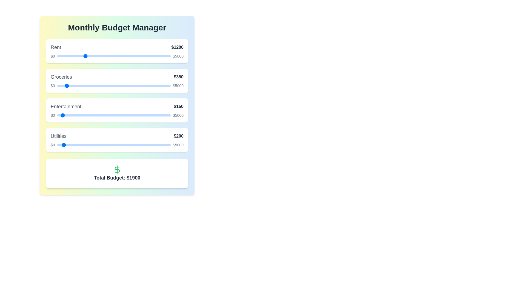 The width and height of the screenshot is (526, 296). I want to click on the text label indicating the minimum value of the slider component for budget allocation, which displays '$0' and is located to the left of the slider bar in the 'Utilities' section, so click(53, 144).